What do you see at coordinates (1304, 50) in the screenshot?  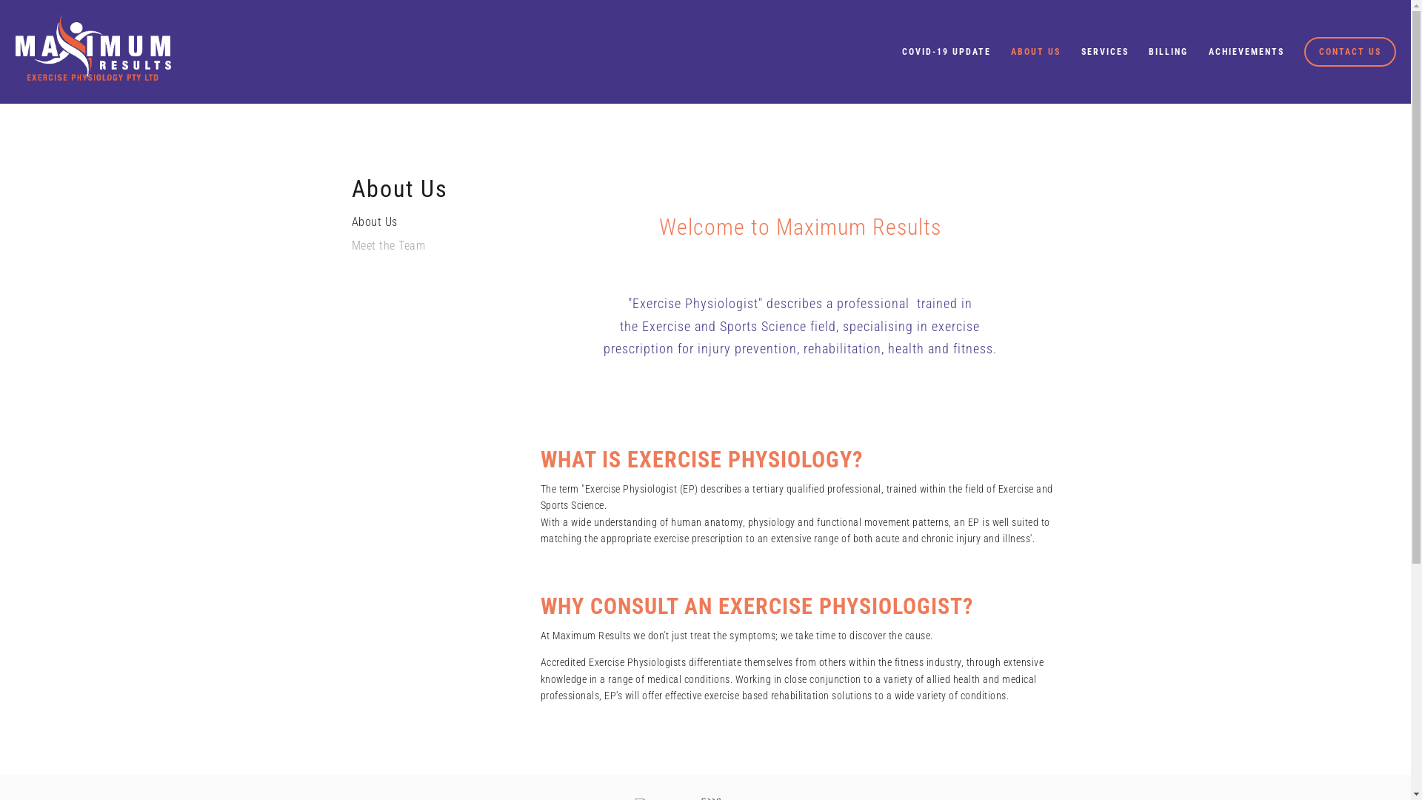 I see `'CONTACT US'` at bounding box center [1304, 50].